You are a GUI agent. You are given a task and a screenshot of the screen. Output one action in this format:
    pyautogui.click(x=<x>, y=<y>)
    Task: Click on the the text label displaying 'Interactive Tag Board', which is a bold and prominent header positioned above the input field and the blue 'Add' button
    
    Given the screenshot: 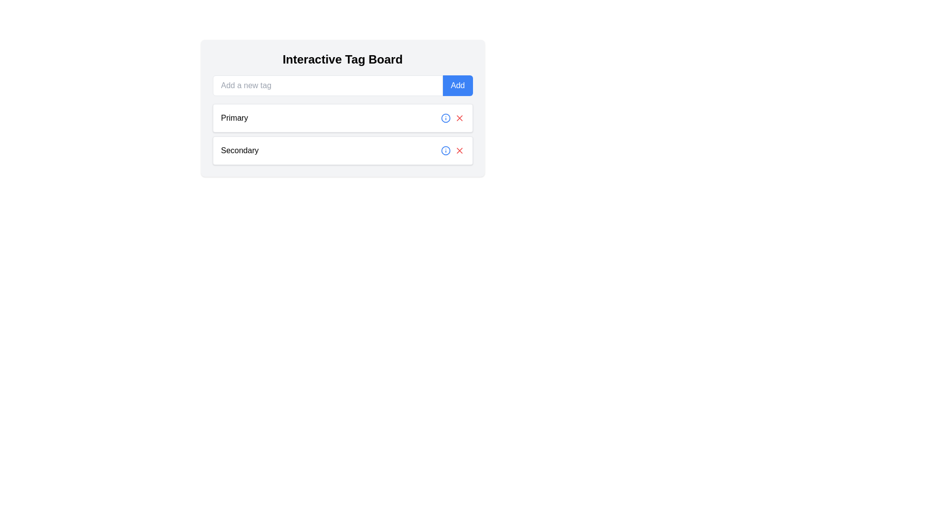 What is the action you would take?
    pyautogui.click(x=342, y=59)
    